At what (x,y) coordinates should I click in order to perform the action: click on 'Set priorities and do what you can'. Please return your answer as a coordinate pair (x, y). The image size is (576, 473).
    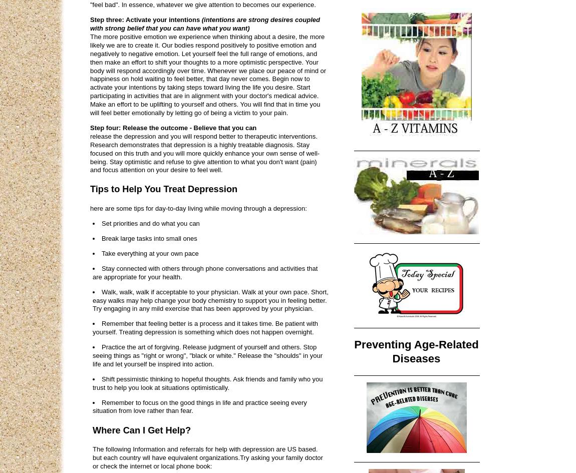
    Looking at the image, I should click on (150, 223).